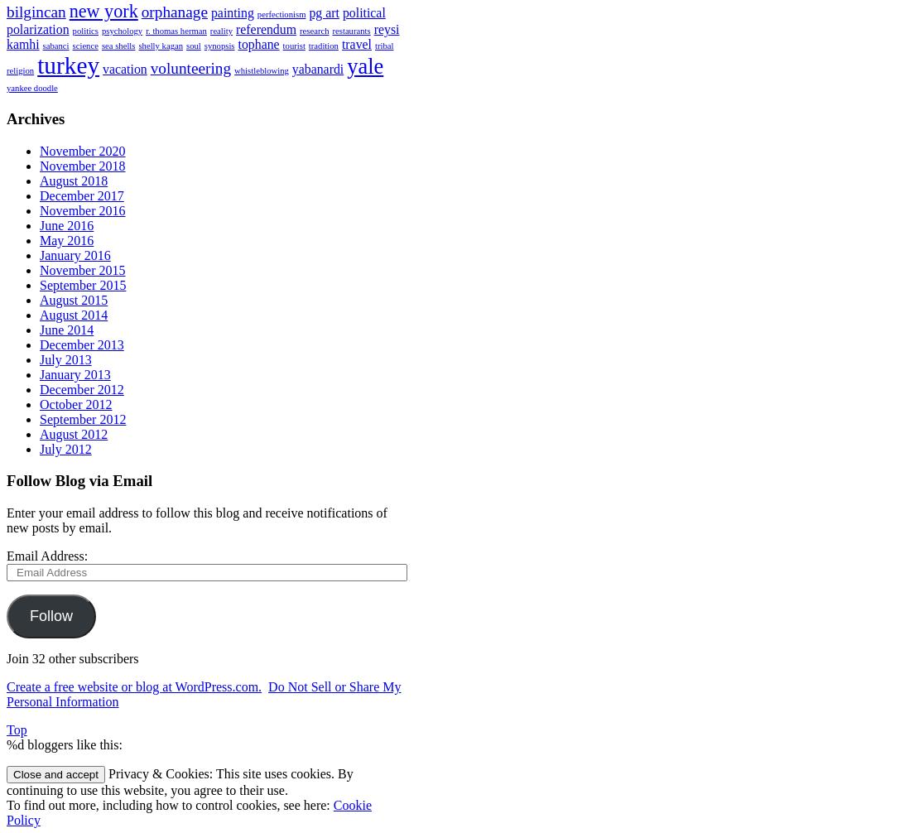  I want to click on 'pg art', so click(323, 12).